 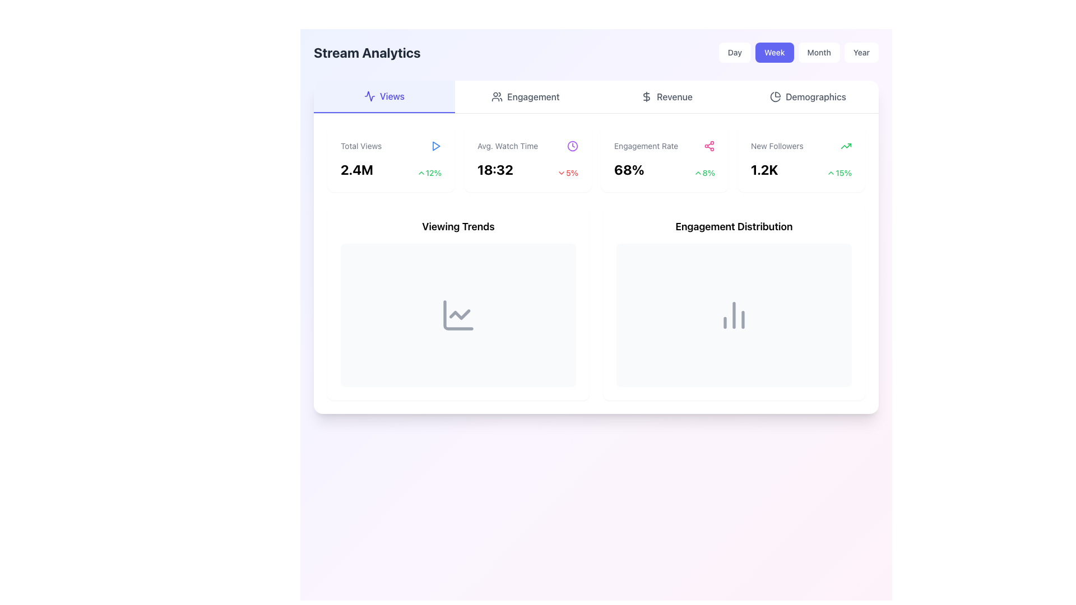 What do you see at coordinates (369, 96) in the screenshot?
I see `the SVG icon representing 'Views' located in the top section of the navigation bar under 'Stream Analytics'` at bounding box center [369, 96].